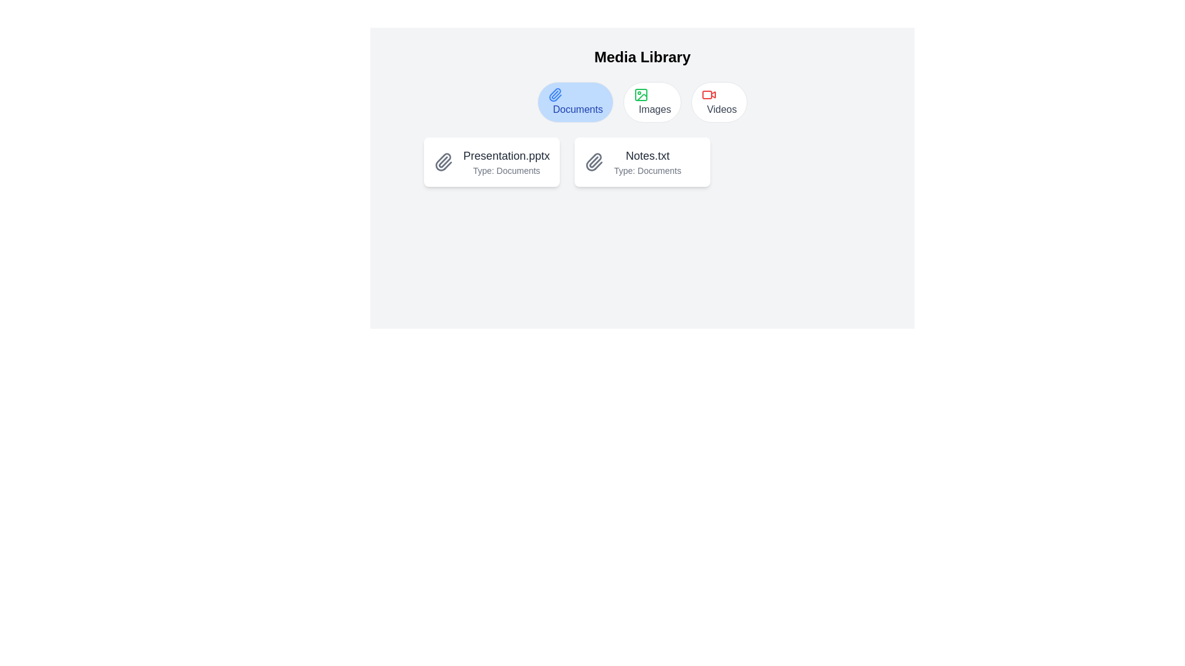 This screenshot has width=1185, height=666. What do you see at coordinates (443, 161) in the screenshot?
I see `the paperclip icon representing the 'Documents' section in the Media Library interface, which is located to the left of the 'Presentation.pptx' label` at bounding box center [443, 161].